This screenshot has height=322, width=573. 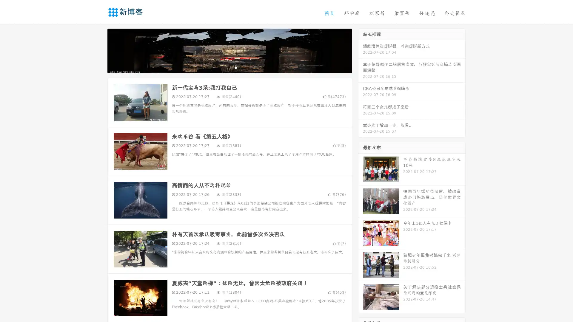 What do you see at coordinates (361, 50) in the screenshot?
I see `Next slide` at bounding box center [361, 50].